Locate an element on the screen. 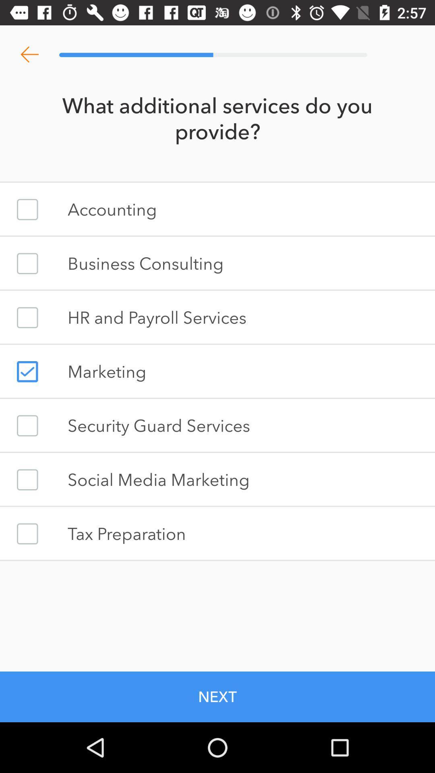  accounting button is located at coordinates (27, 209).